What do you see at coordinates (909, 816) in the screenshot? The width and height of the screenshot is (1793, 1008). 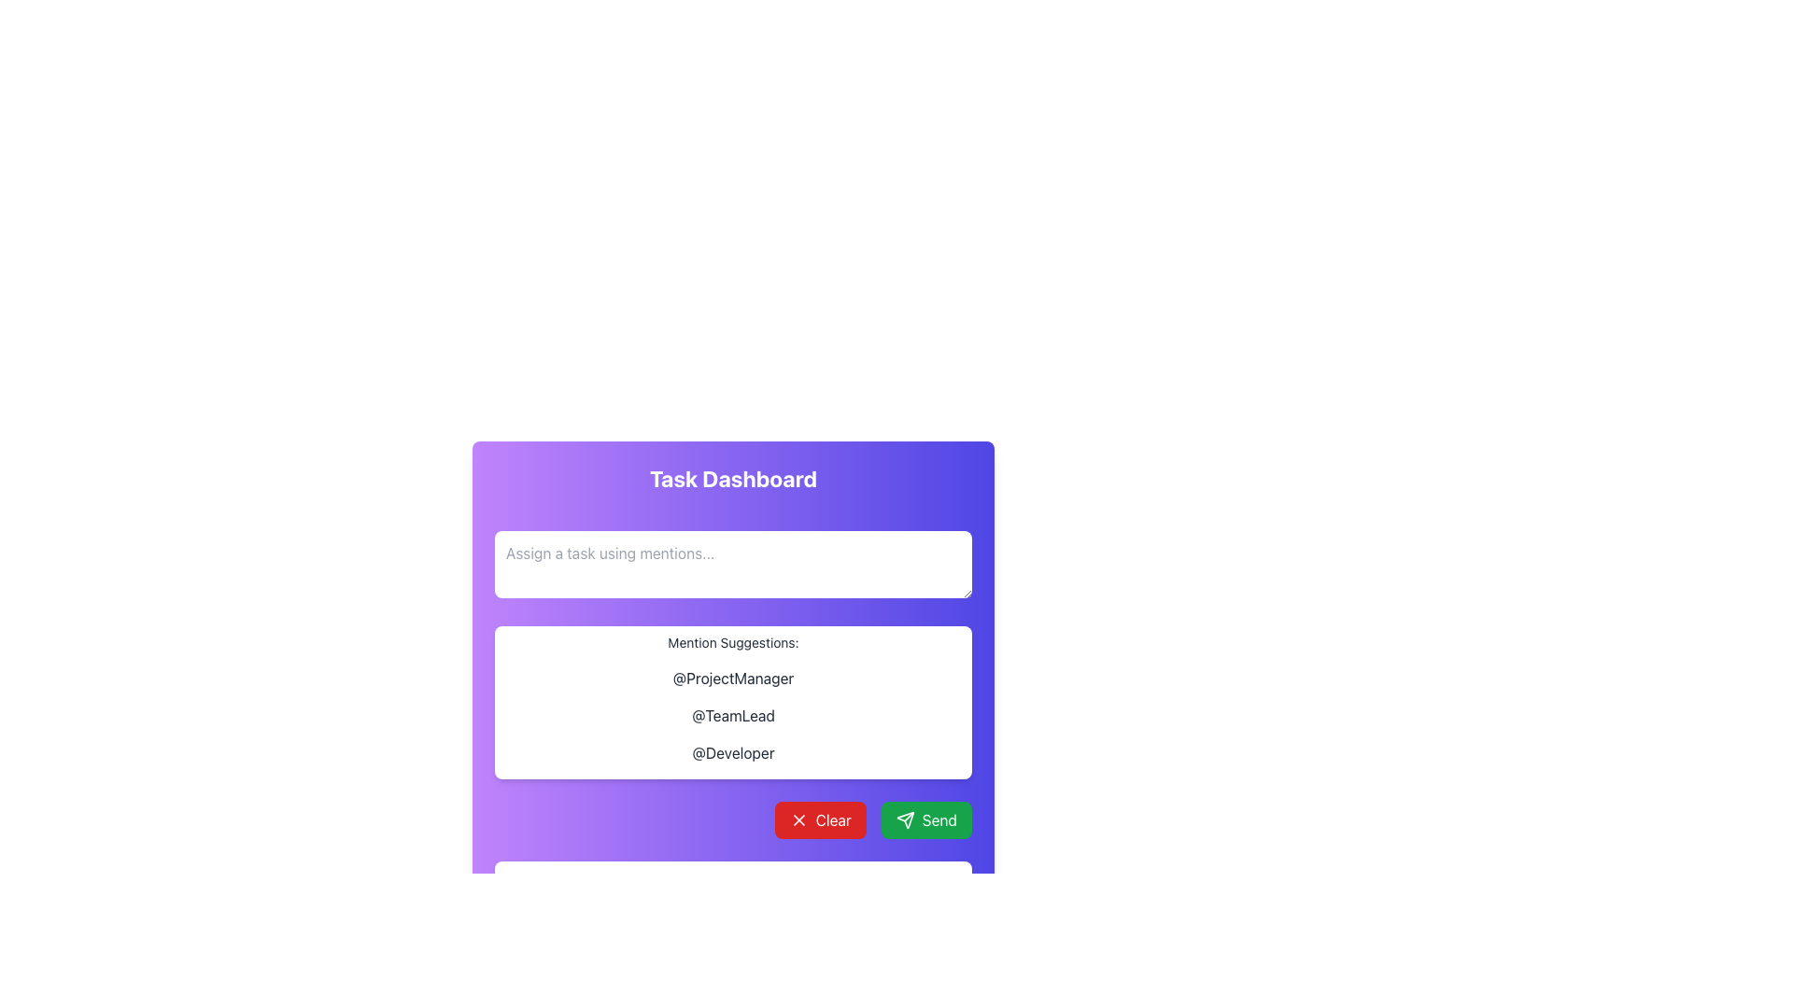 I see `the visual details of the shorter diagonal line in the SVG icon of the 'Send' button located at the bottom-right corner of the interface panel` at bounding box center [909, 816].